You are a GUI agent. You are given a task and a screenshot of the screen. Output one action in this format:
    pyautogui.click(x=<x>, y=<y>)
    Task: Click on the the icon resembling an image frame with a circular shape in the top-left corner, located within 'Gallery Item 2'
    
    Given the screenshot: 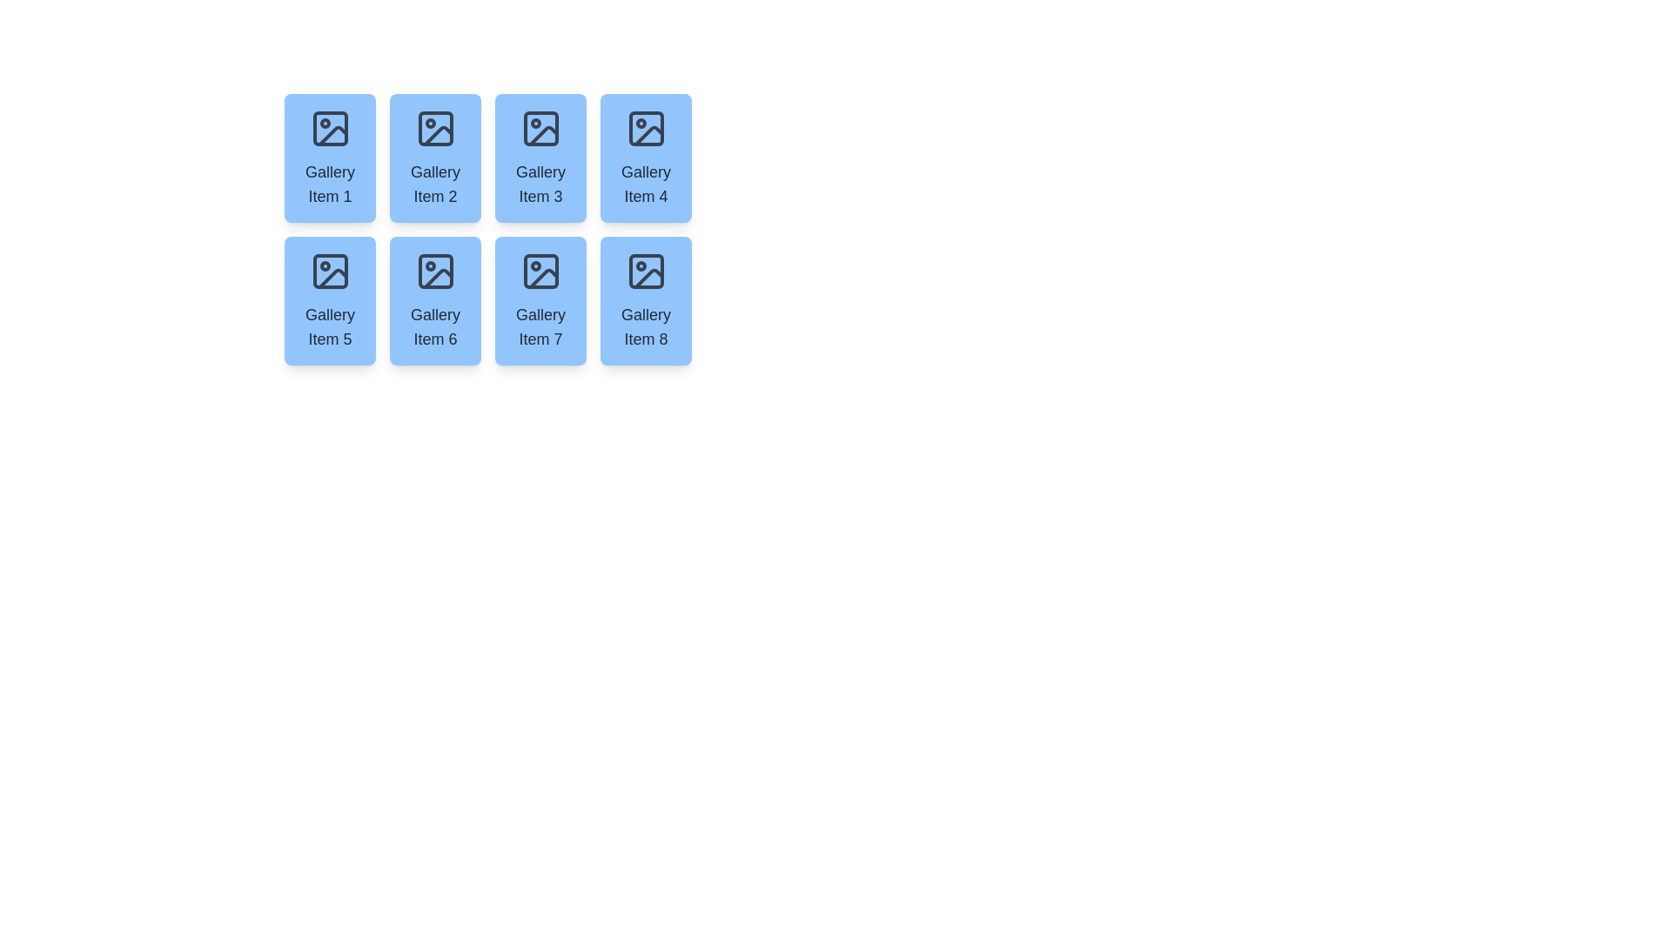 What is the action you would take?
    pyautogui.click(x=435, y=127)
    